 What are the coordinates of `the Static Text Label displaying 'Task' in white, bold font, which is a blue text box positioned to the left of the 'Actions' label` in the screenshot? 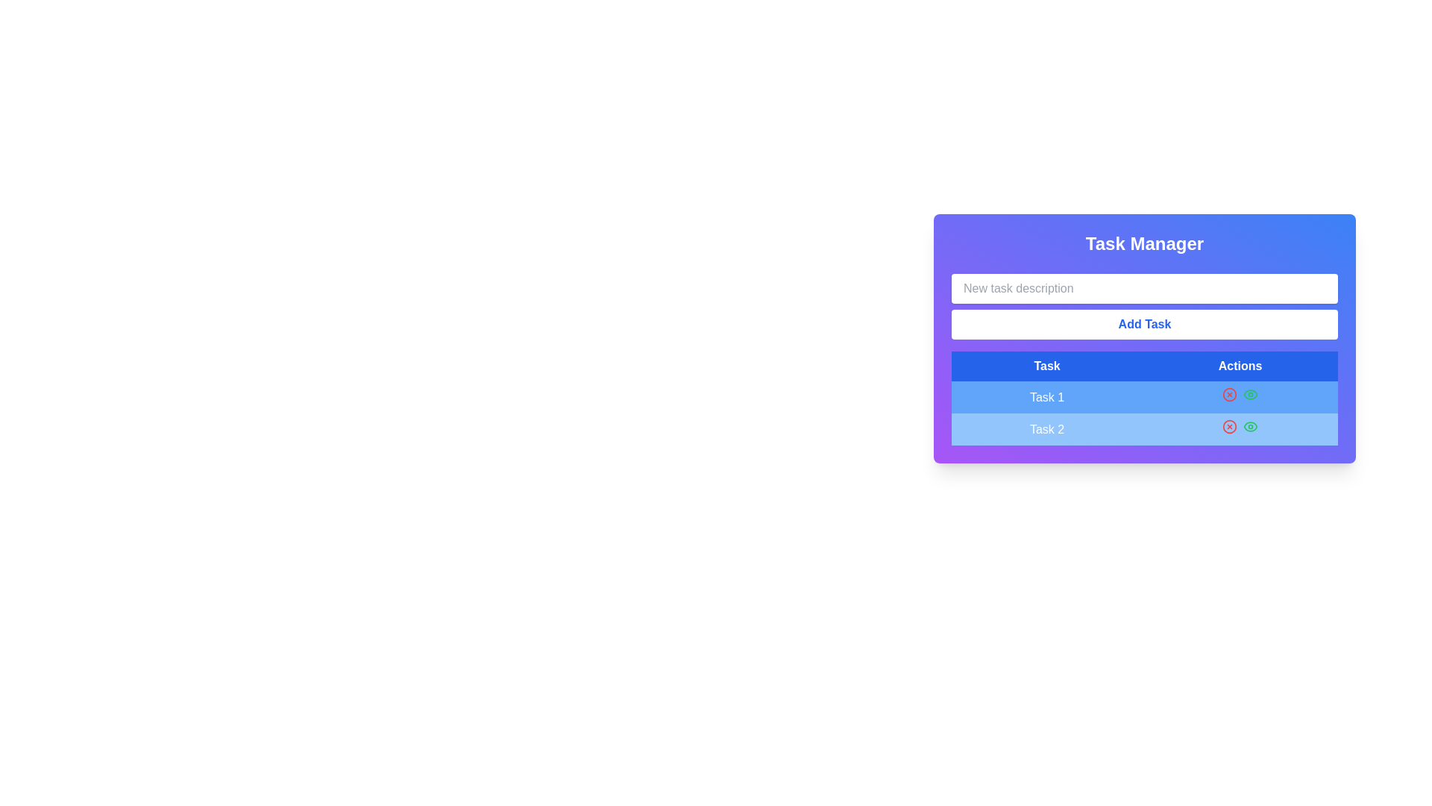 It's located at (1046, 366).